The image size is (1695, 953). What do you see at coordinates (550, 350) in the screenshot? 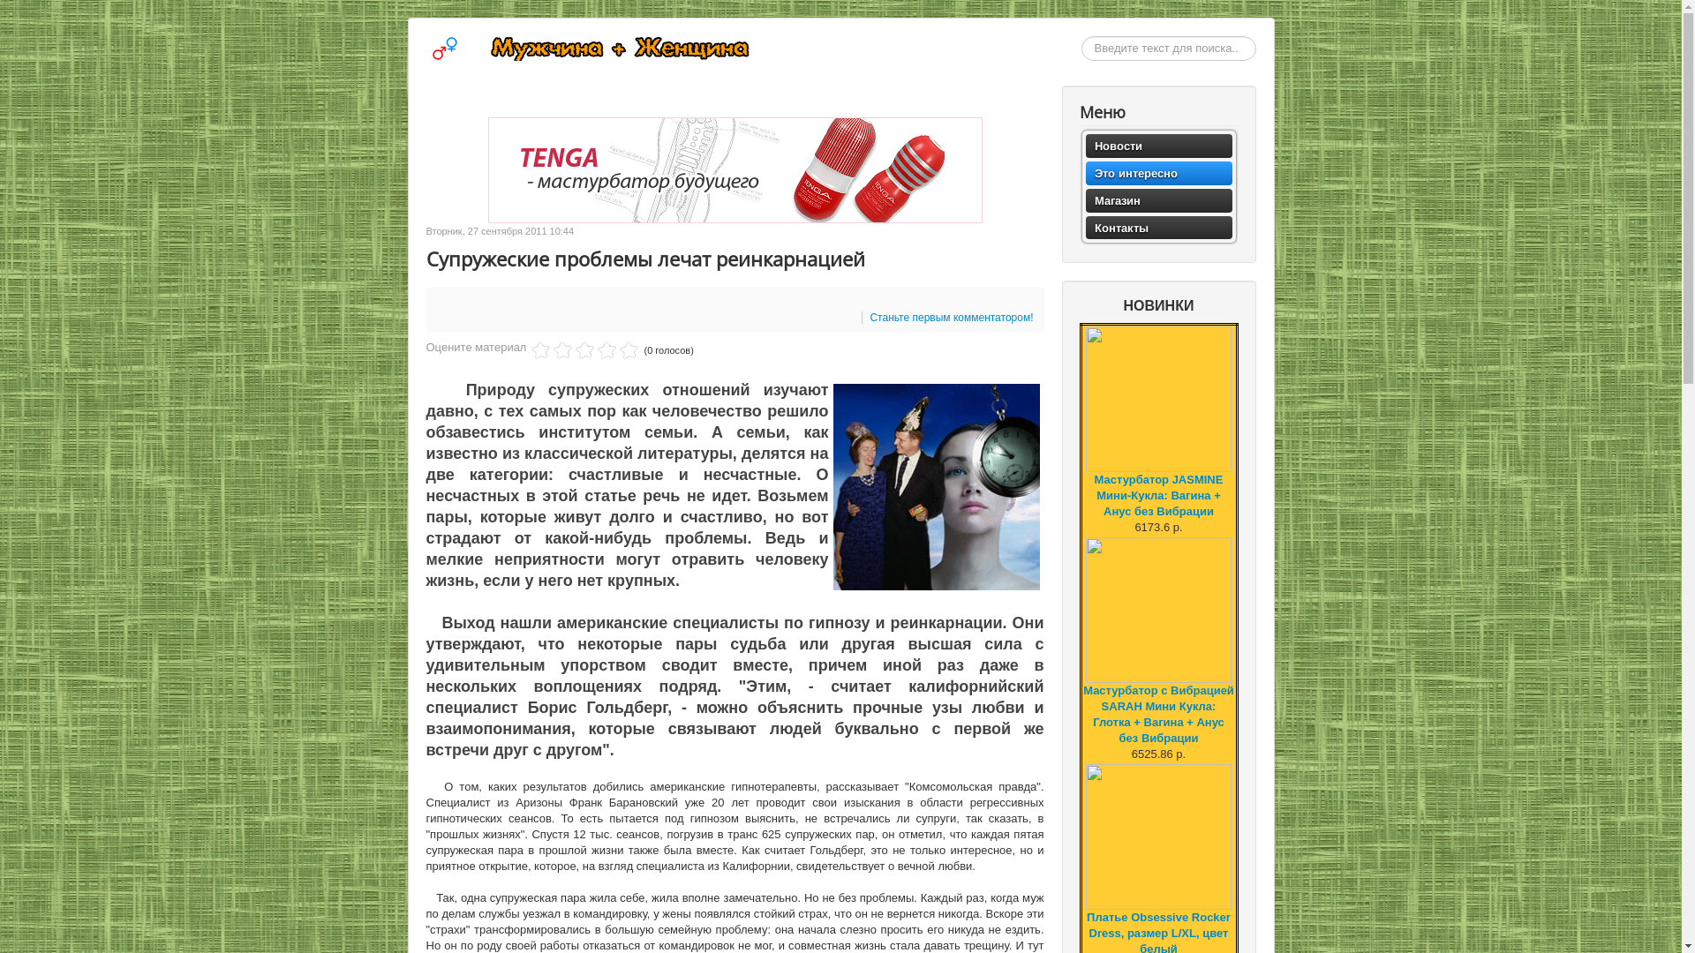
I see `'2'` at bounding box center [550, 350].